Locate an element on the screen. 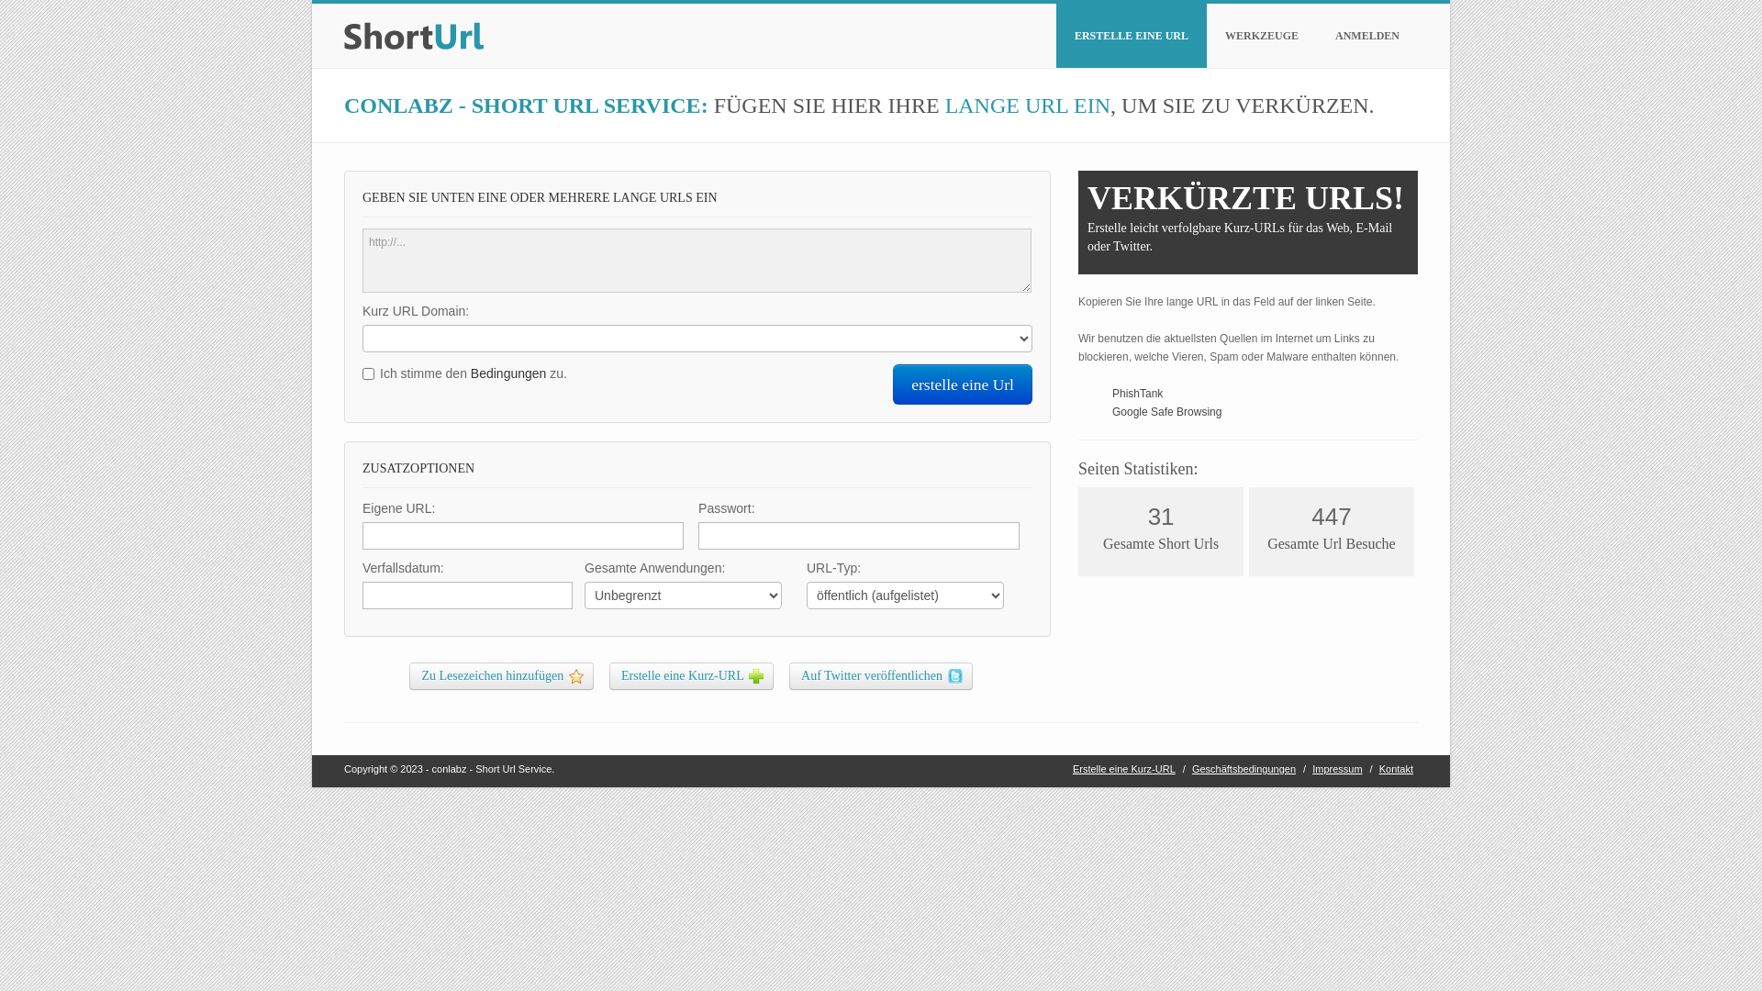 The image size is (1762, 991). 'Google Safe Browsing' is located at coordinates (1165, 410).